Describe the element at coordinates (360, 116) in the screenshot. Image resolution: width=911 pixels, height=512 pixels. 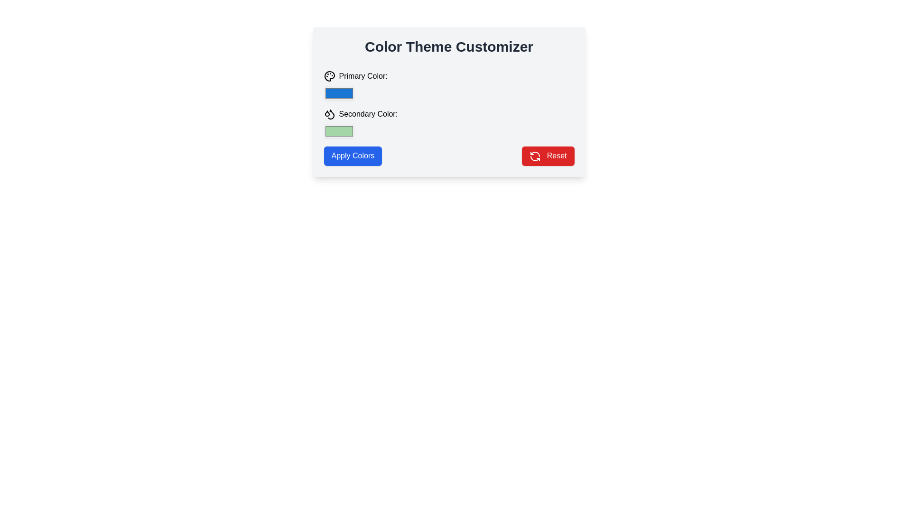
I see `the text label identifying the secondary color selection in the 'Color Theme Customizer' section, positioned below the 'Primary Color:' label and preceding the color picker box` at that location.